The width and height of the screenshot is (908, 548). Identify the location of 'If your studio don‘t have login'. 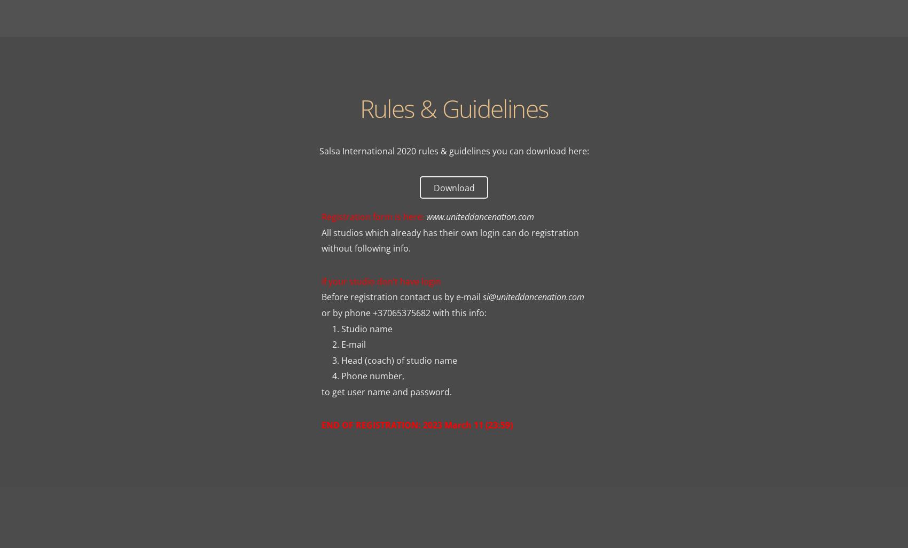
(380, 281).